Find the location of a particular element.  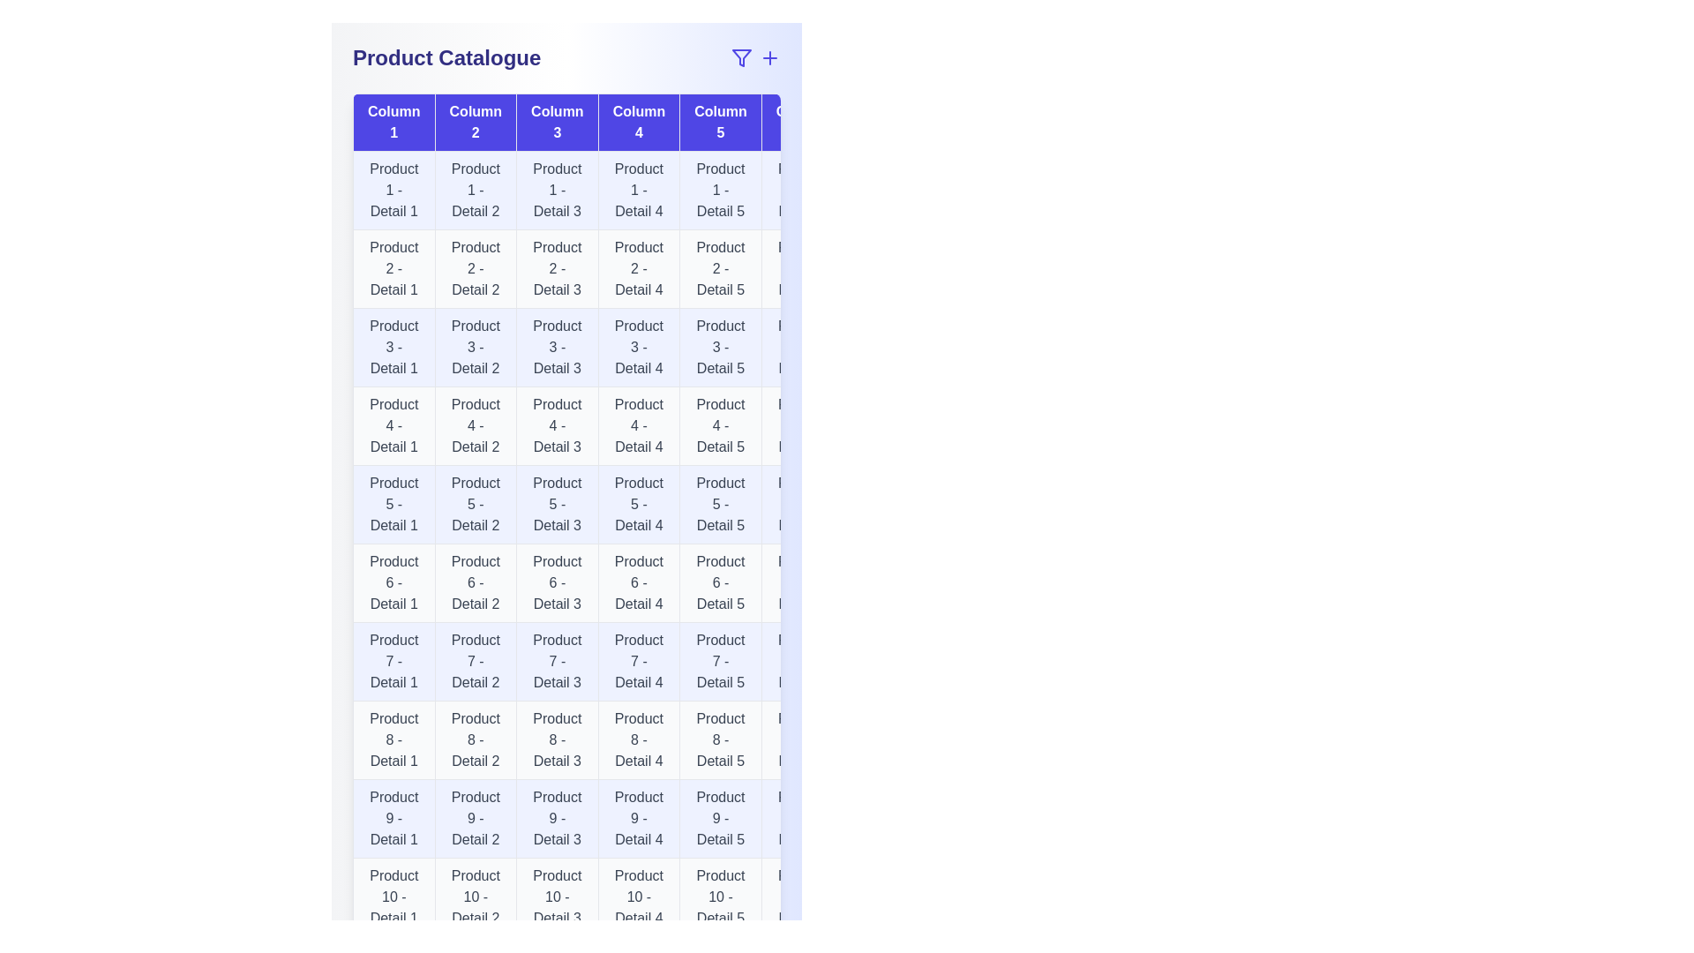

the plus icon to add a new product is located at coordinates (770, 56).